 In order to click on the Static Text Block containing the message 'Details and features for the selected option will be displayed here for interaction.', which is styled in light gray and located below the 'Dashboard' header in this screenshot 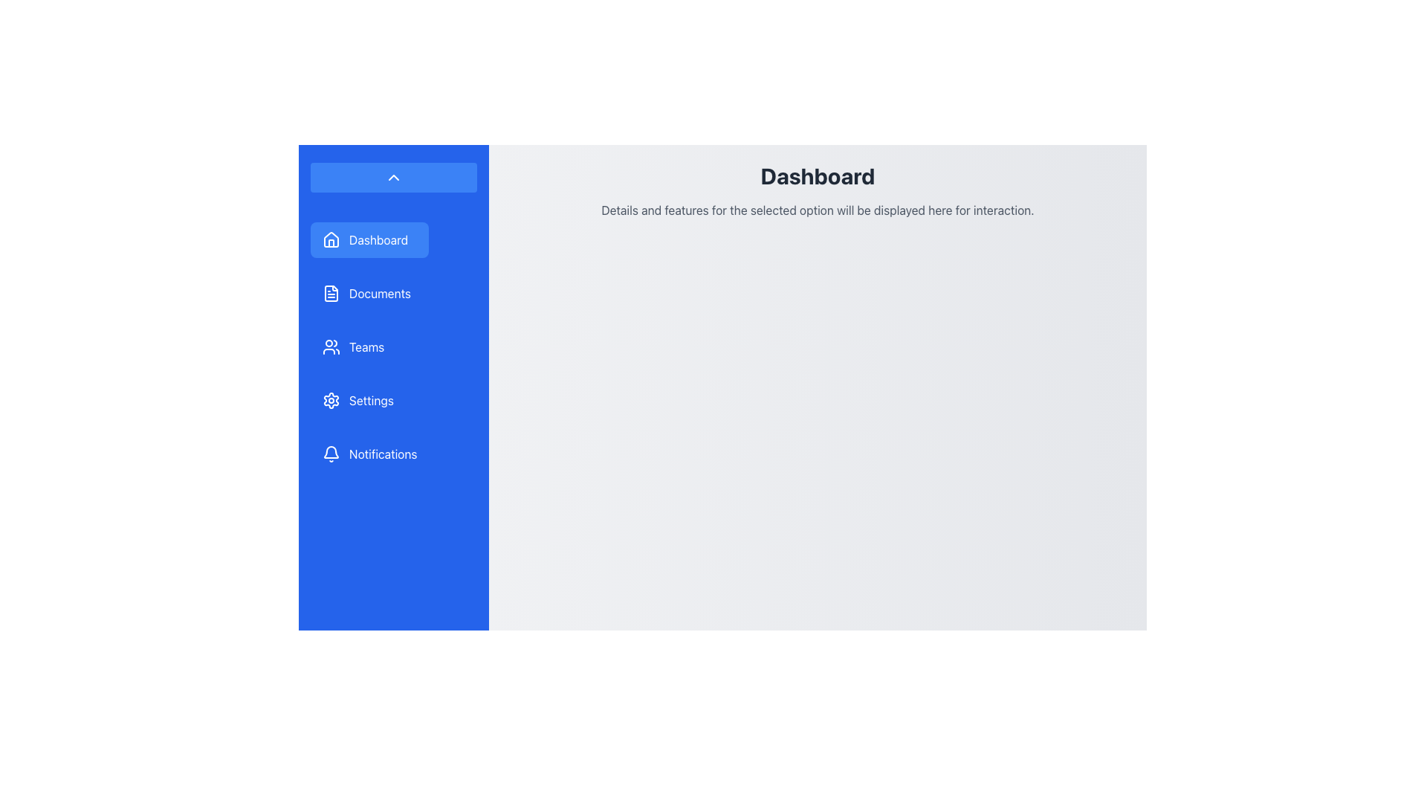, I will do `click(817, 210)`.